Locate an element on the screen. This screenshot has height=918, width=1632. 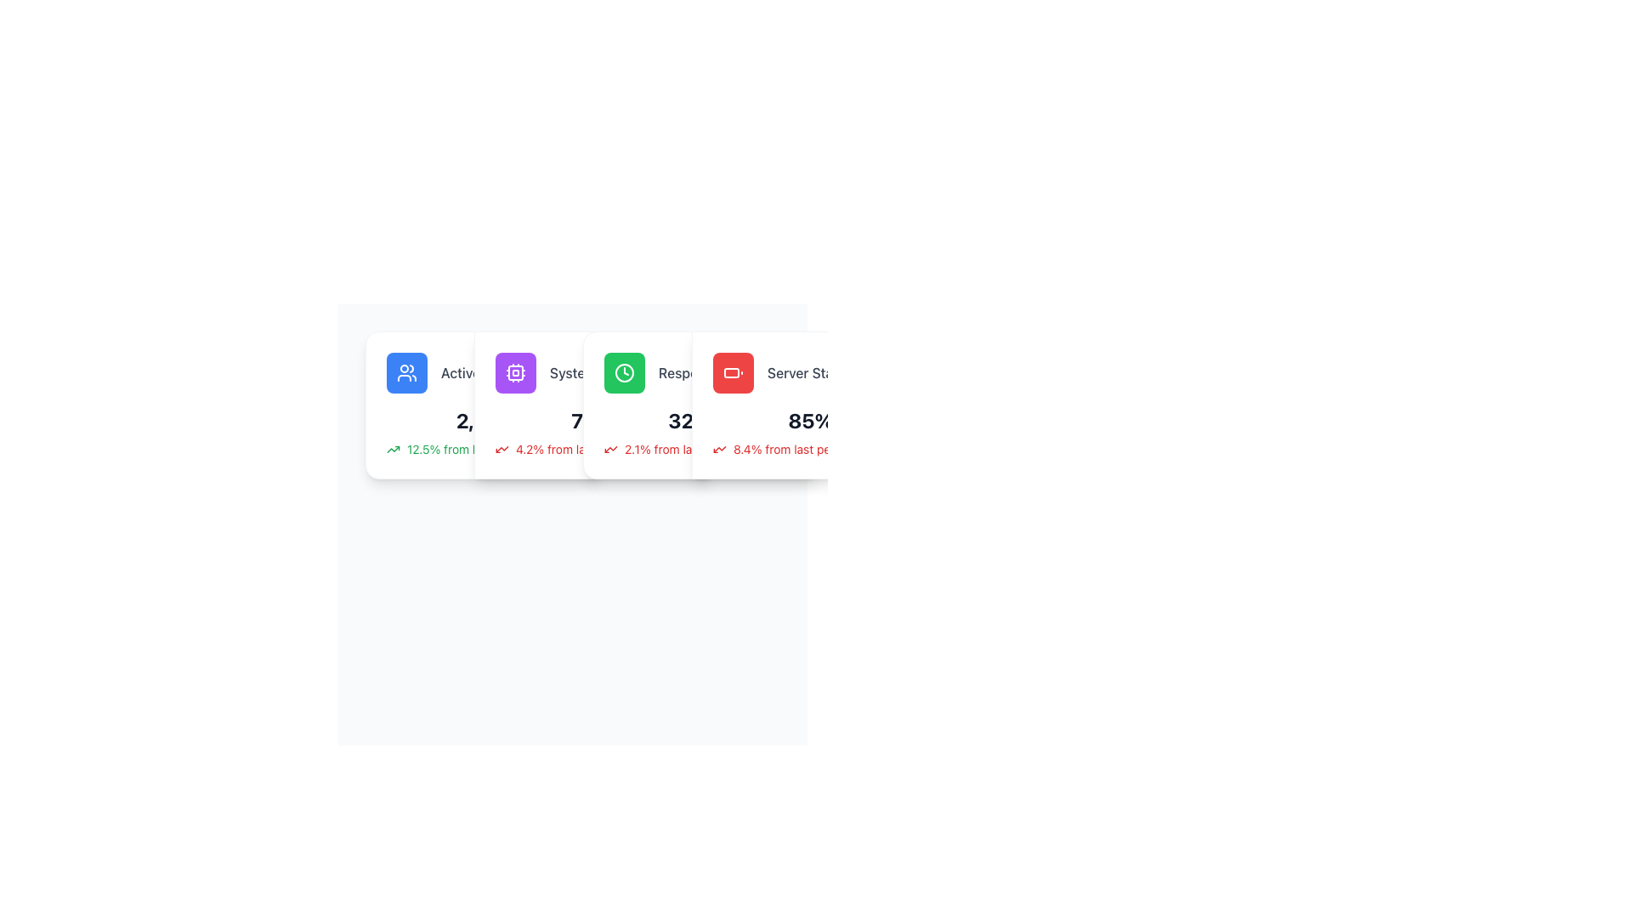
the small upward trend icon with a red stroke that precedes the text '2.1% from last period' in red, located under the 'Response Time' card in green is located at coordinates (611, 448).